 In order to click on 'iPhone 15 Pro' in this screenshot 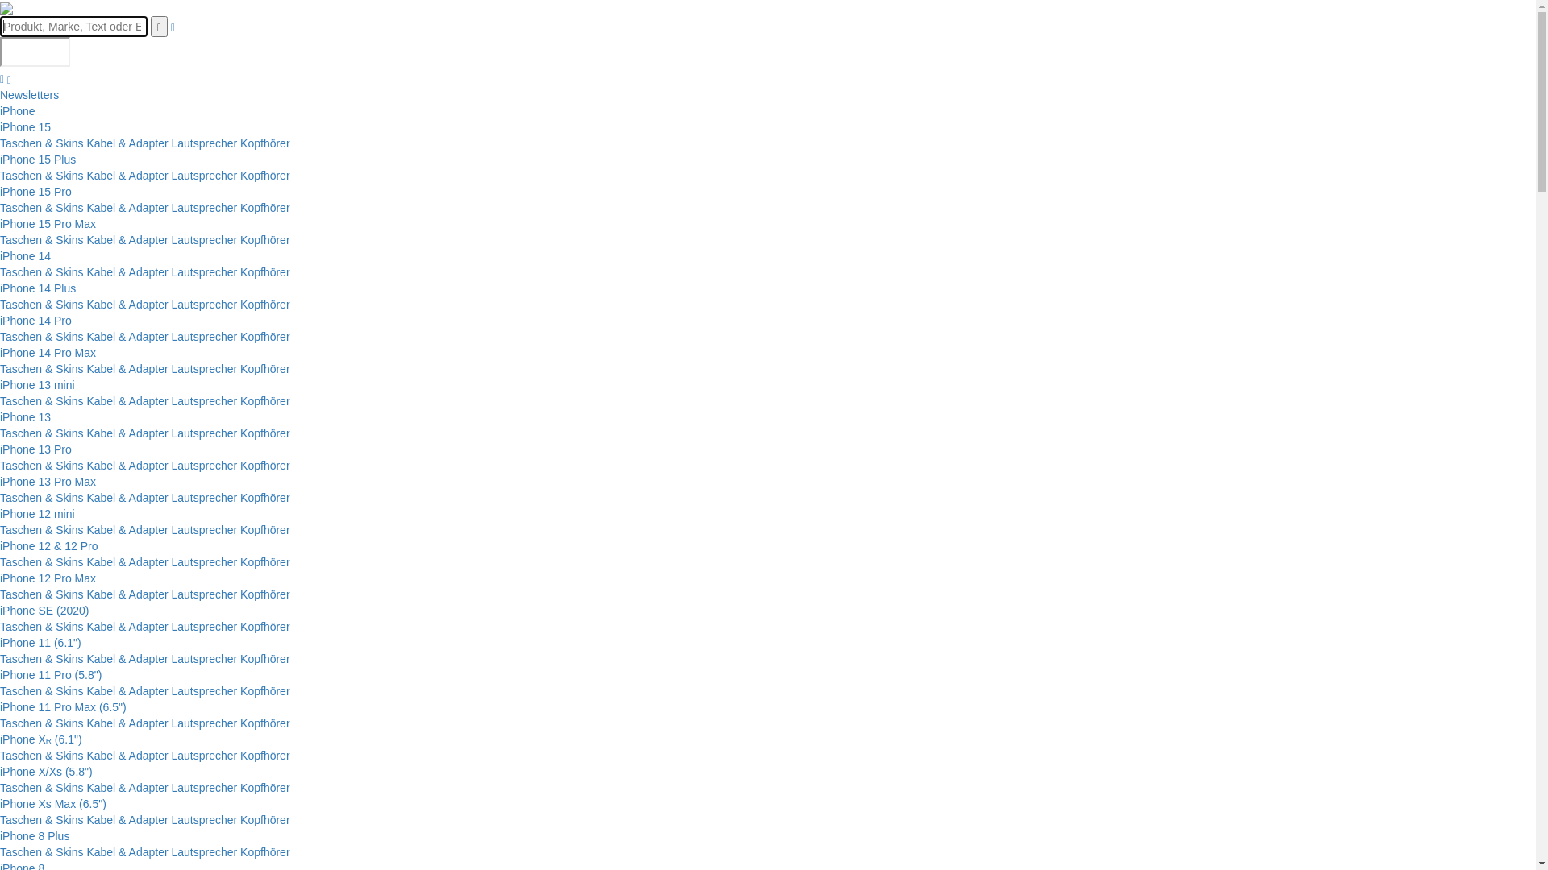, I will do `click(0, 191)`.